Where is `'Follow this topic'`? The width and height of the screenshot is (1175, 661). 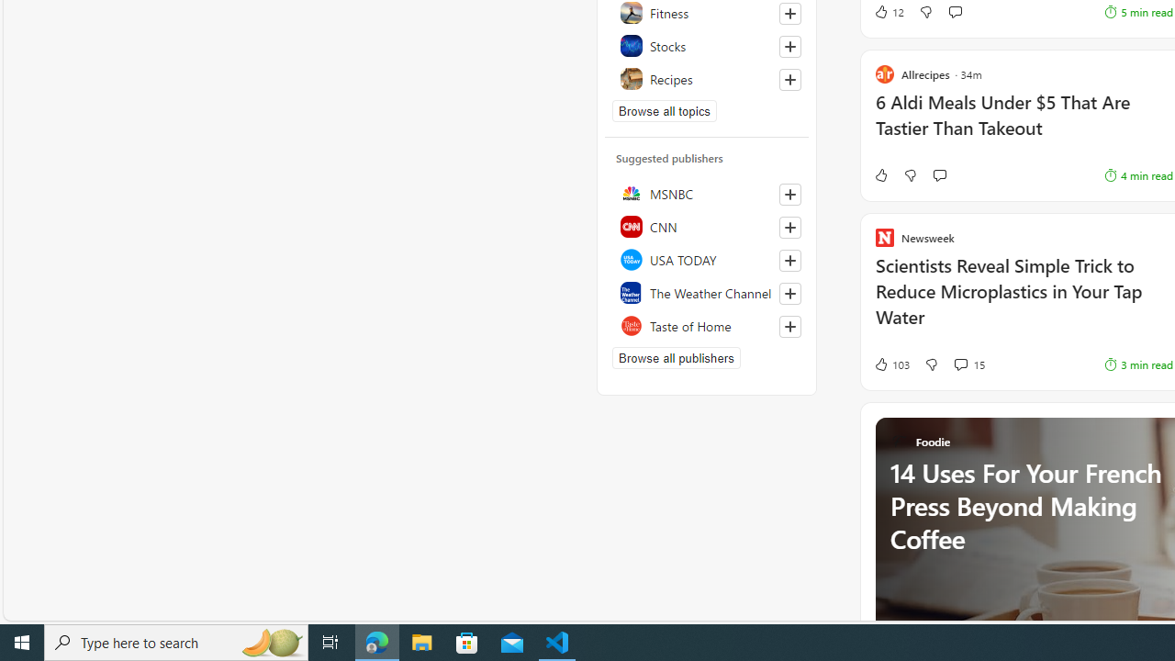
'Follow this topic' is located at coordinates (789, 79).